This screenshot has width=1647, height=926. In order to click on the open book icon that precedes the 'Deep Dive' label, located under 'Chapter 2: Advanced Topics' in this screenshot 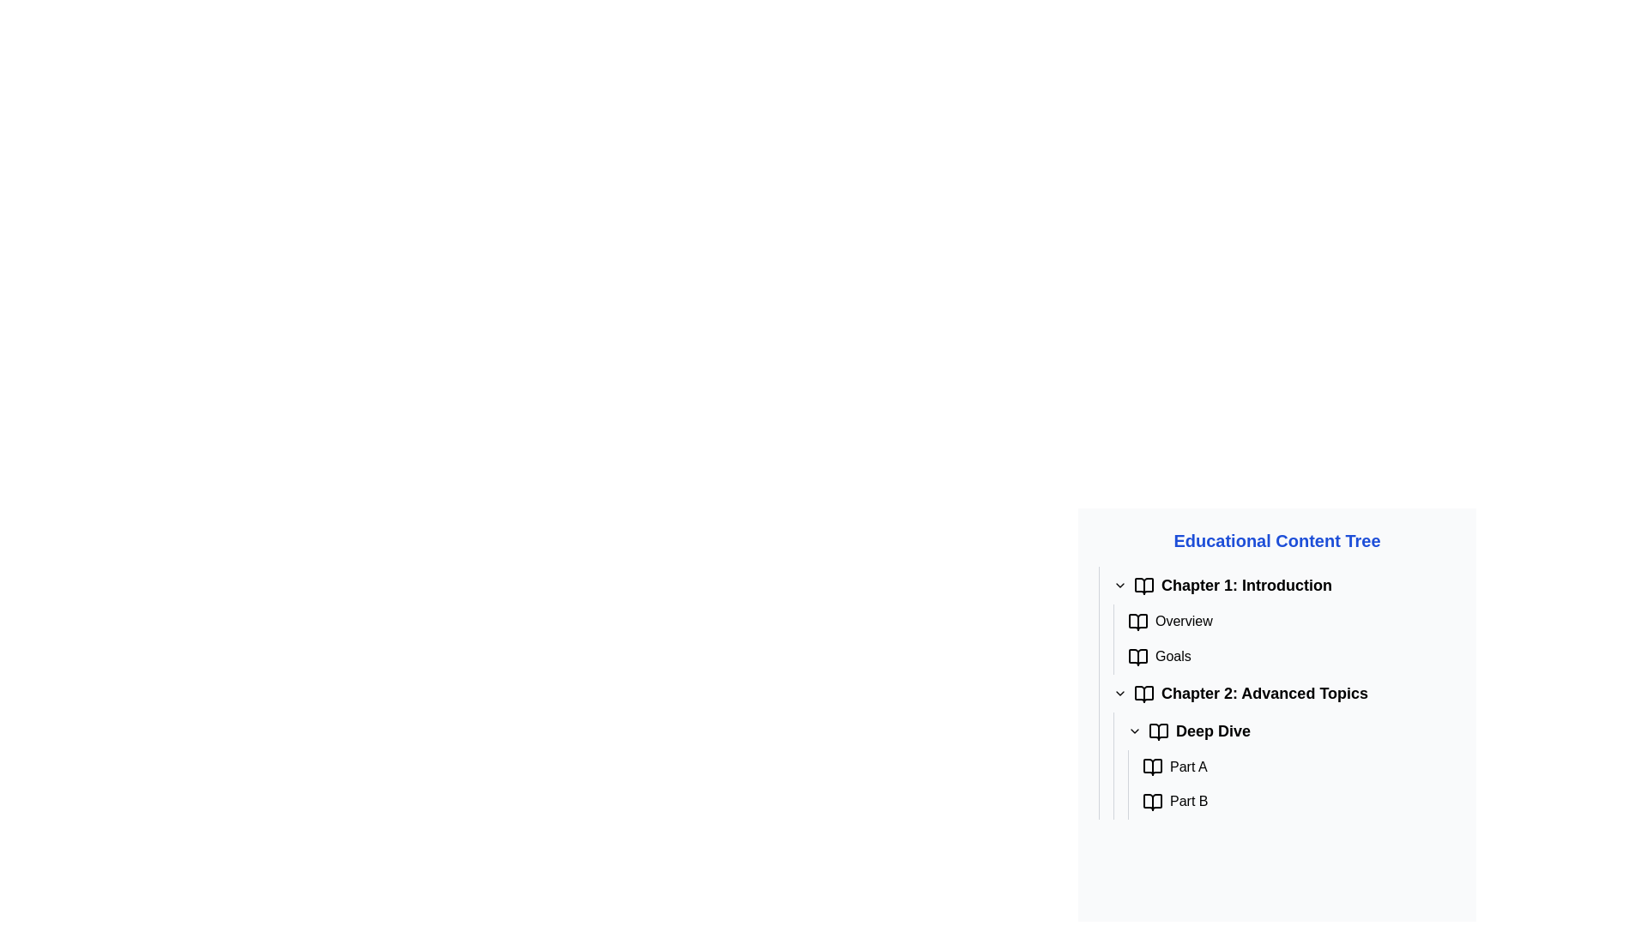, I will do `click(1158, 731)`.